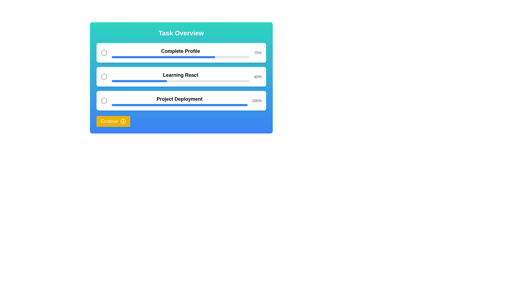 The image size is (522, 294). Describe the element at coordinates (123, 121) in the screenshot. I see `the circular icon within the 'Continue' button located at the lower end of the interface, which is outlined and centered within a graphical arrow design` at that location.